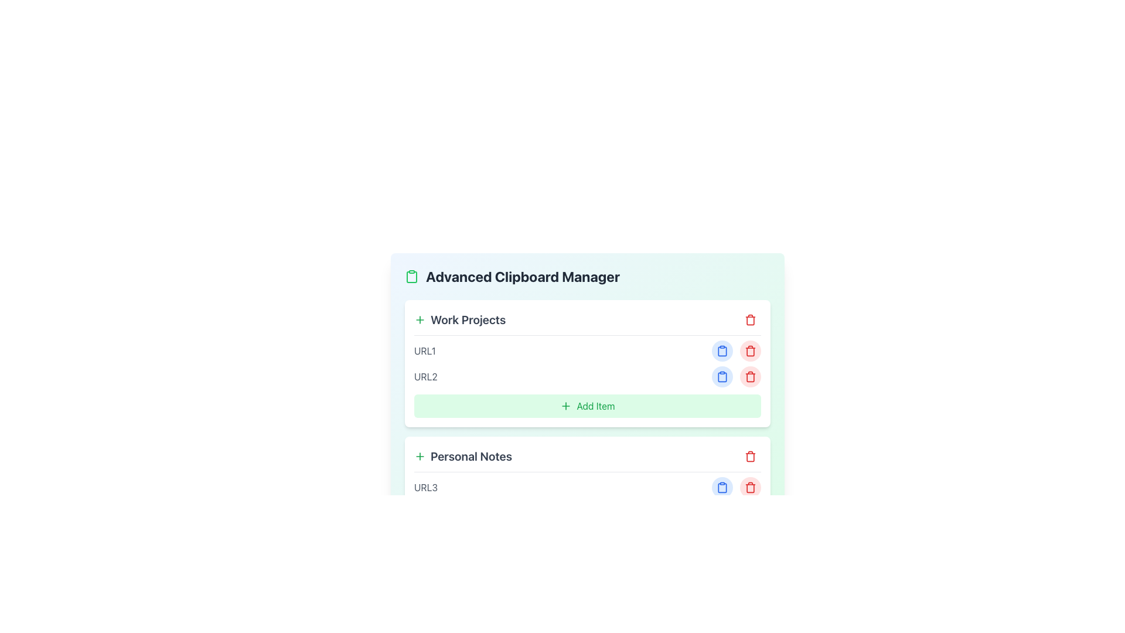 This screenshot has height=633, width=1125. Describe the element at coordinates (588, 406) in the screenshot. I see `the button that allows users to add a new item to the 'Work Projects' list, positioned at the bottom of the section, directly beneath the URL entries` at that location.